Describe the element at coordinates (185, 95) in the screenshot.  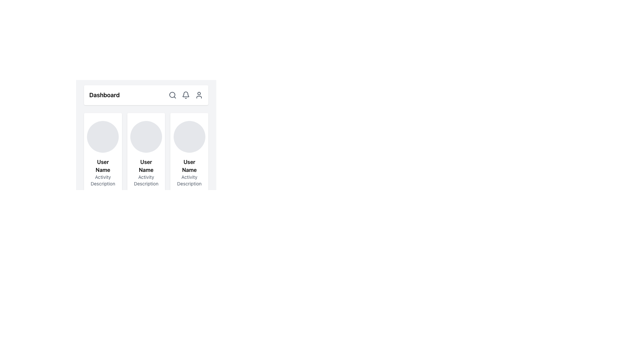
I see `the bell icon button located in the top-right navigation bar` at that location.